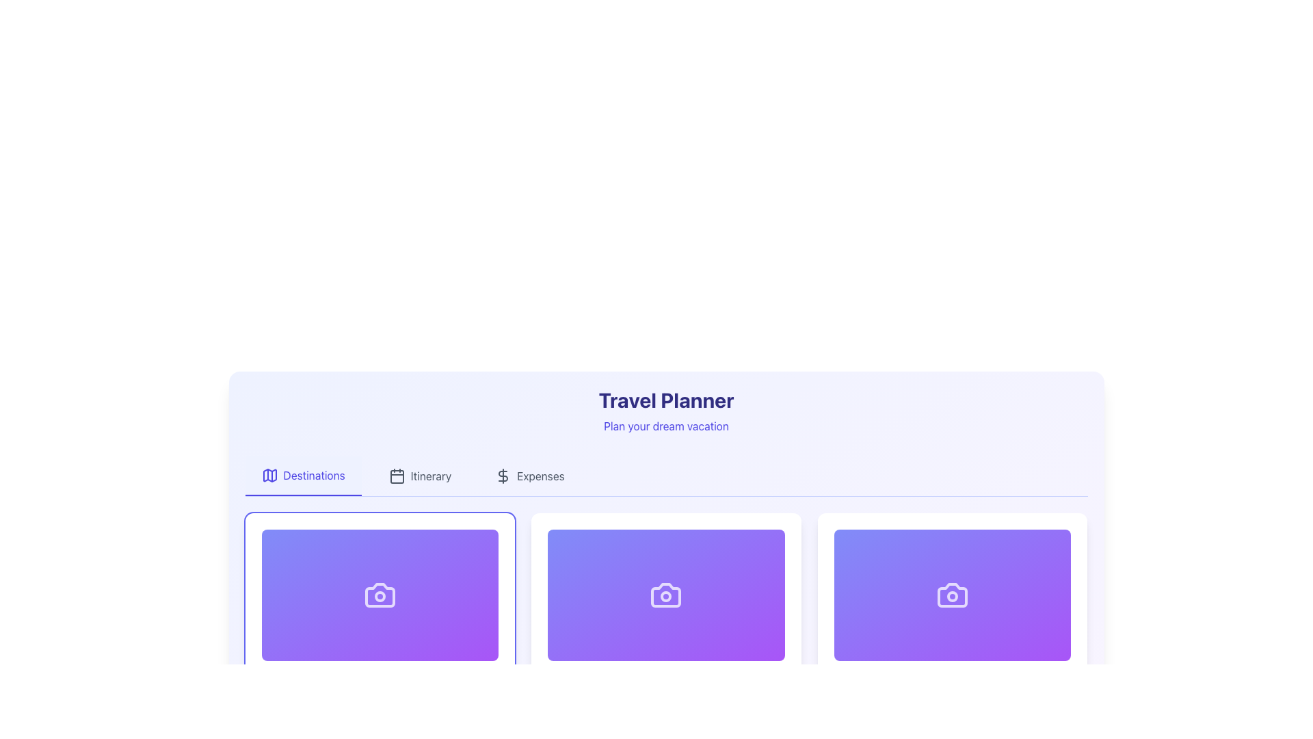 The height and width of the screenshot is (739, 1313). Describe the element at coordinates (666, 426) in the screenshot. I see `the non-interactive subtitle text element located below the 'Travel Planner' section, which serves as a descriptive text` at that location.